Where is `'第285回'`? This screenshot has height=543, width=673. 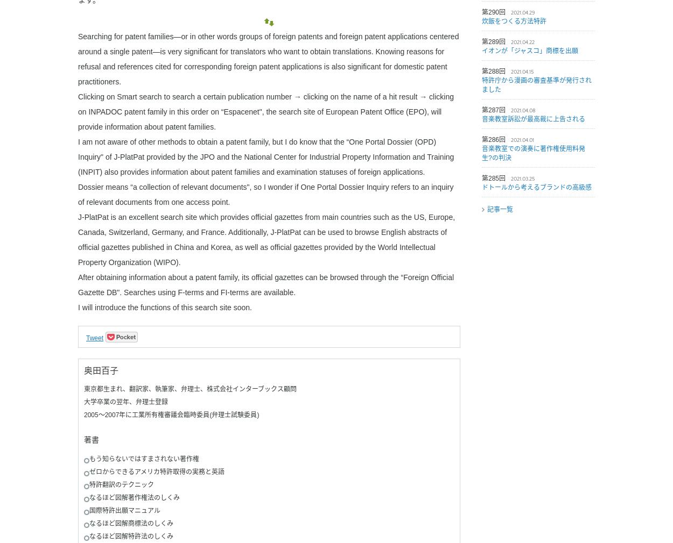 '第285回' is located at coordinates (494, 178).